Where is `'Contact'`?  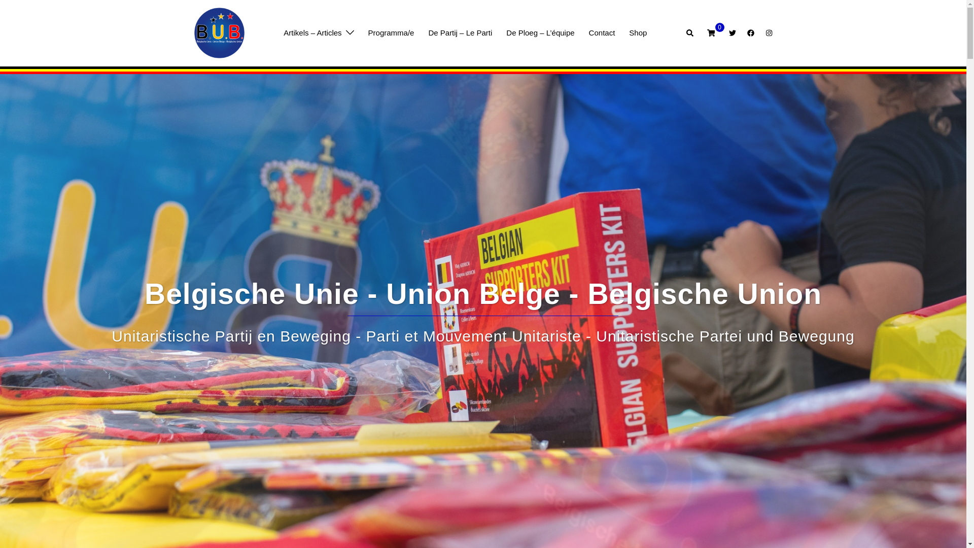
'Contact' is located at coordinates (602, 32).